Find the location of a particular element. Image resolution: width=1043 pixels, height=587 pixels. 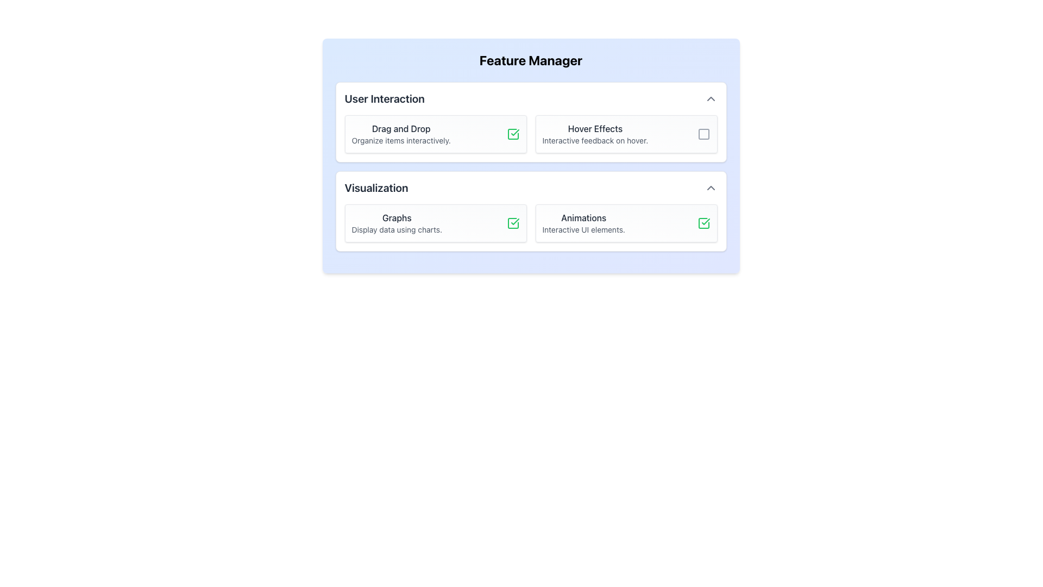

the text label reading 'Animations' which is situated in the lower section of the layout under the 'Visualization' category is located at coordinates (583, 218).